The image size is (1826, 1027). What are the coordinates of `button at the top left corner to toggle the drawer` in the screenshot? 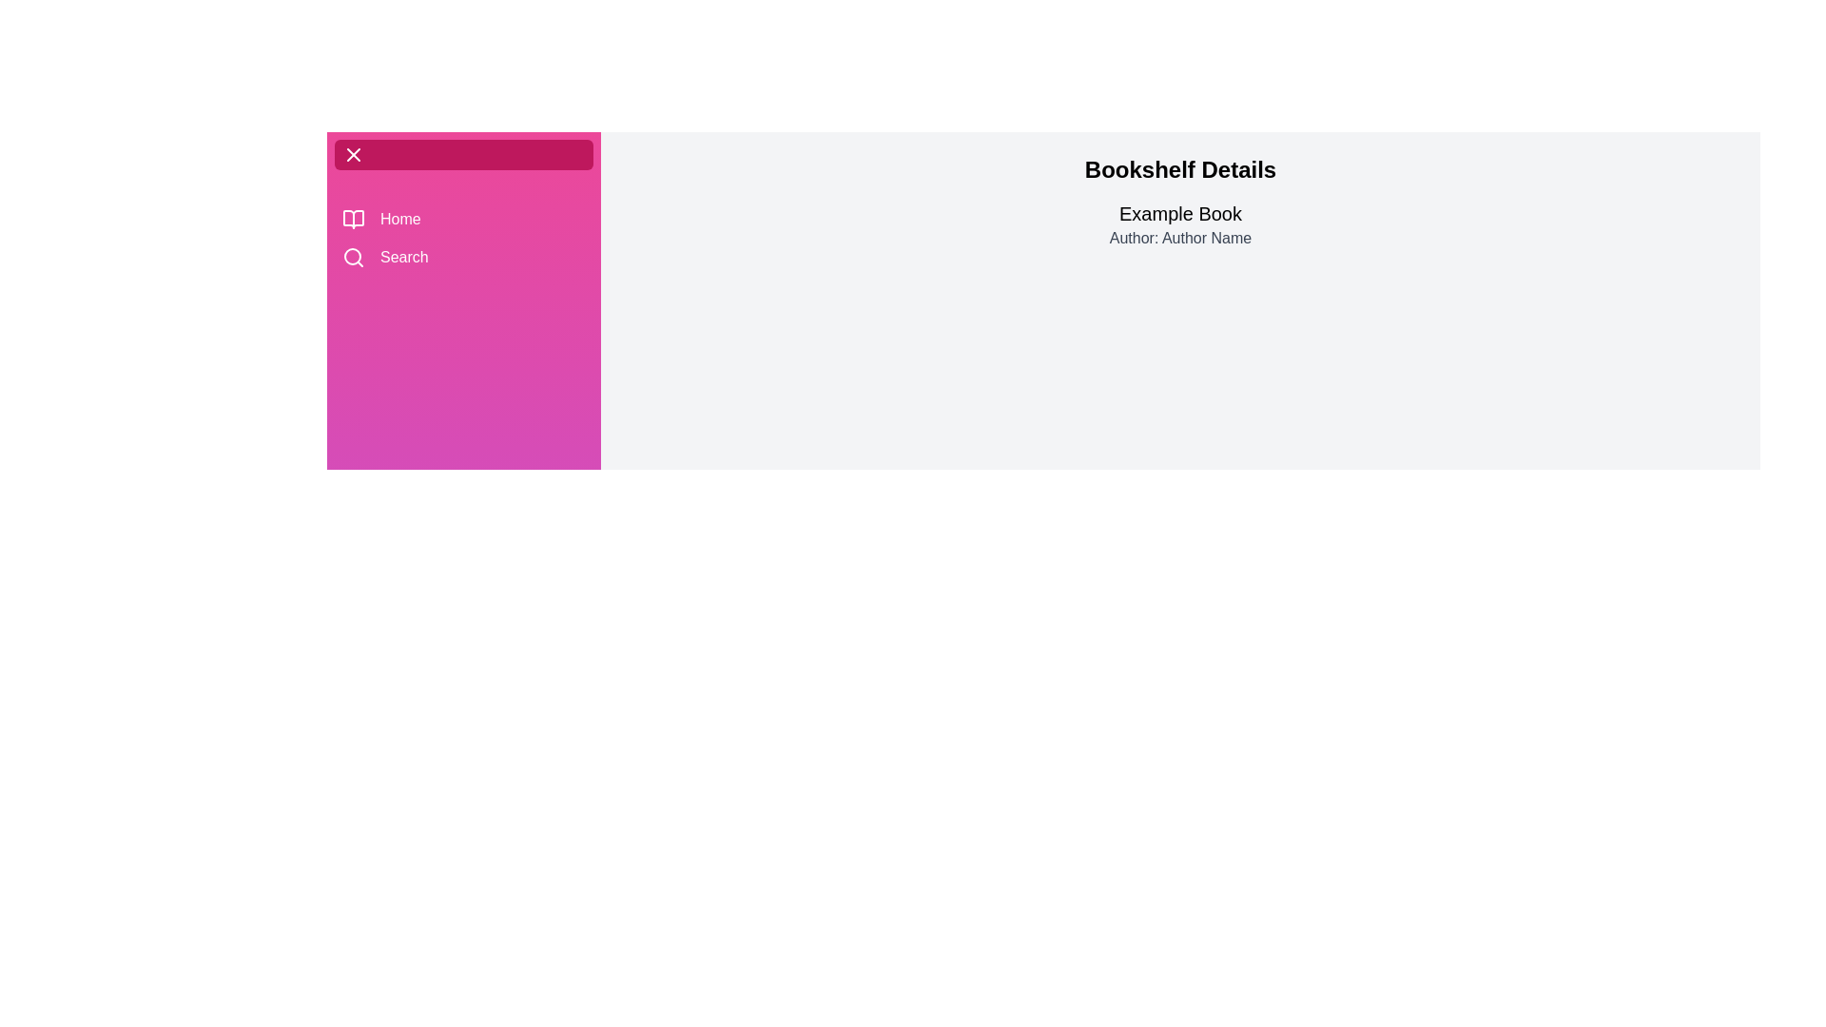 It's located at (354, 153).